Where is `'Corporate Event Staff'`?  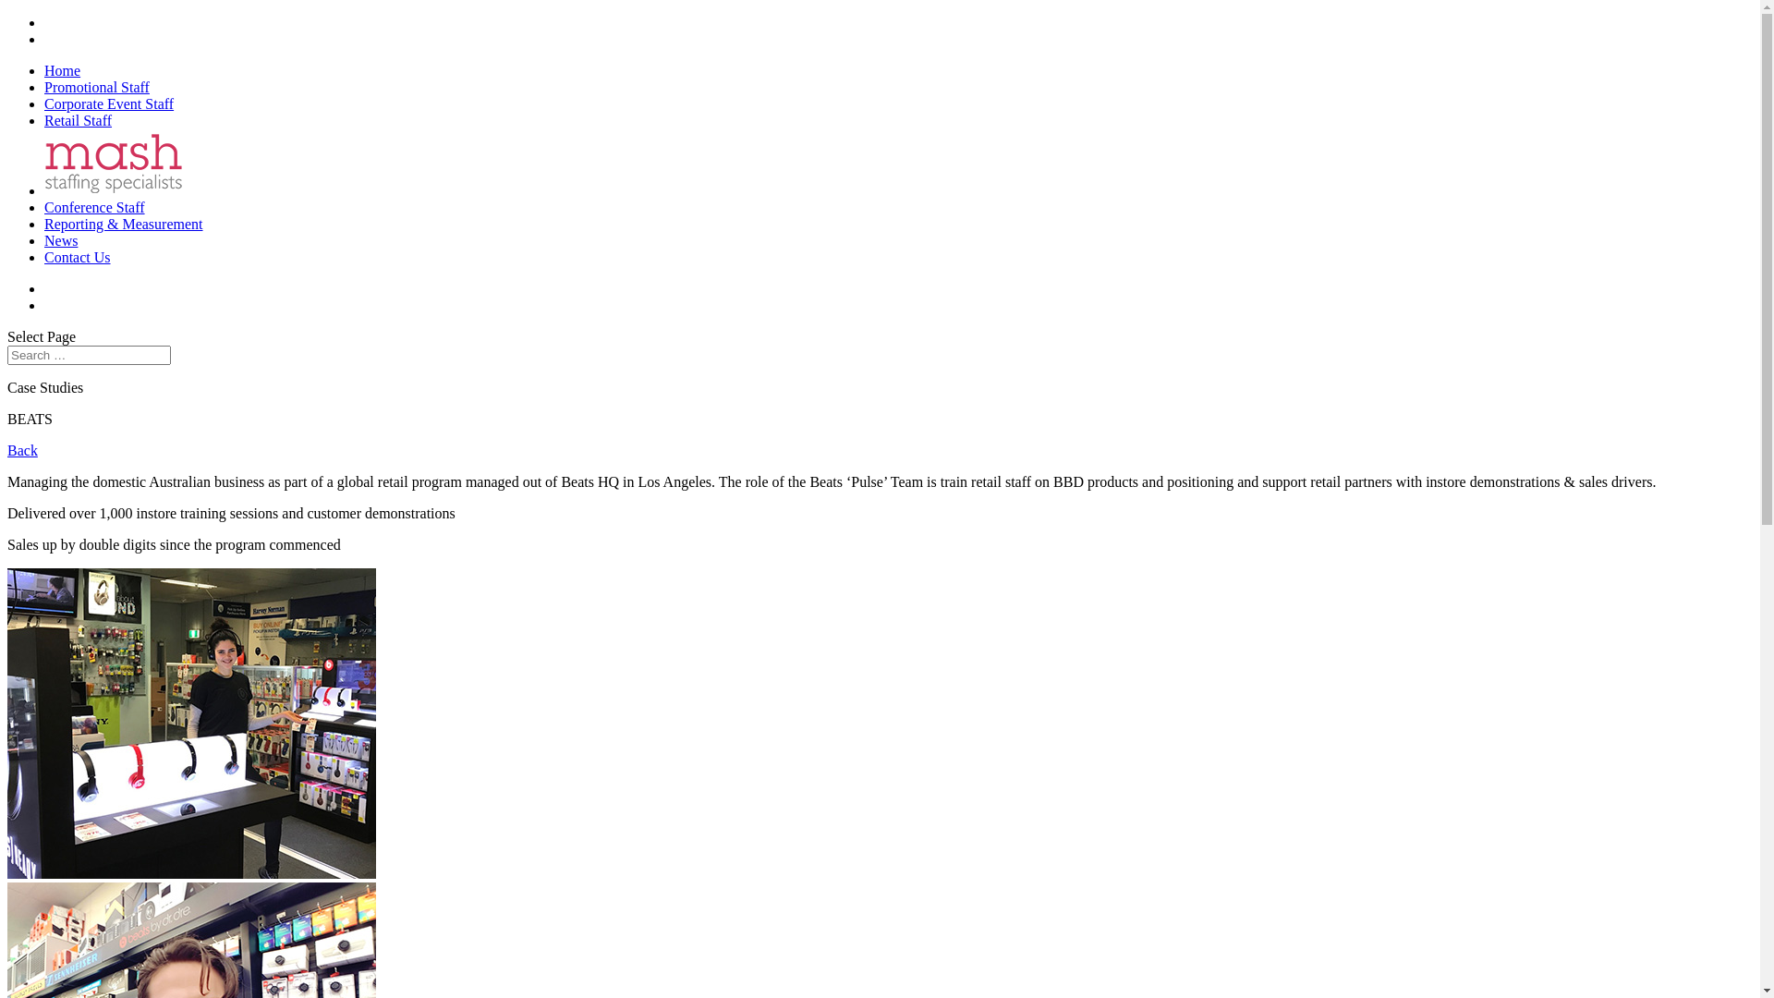
'Corporate Event Staff' is located at coordinates (108, 103).